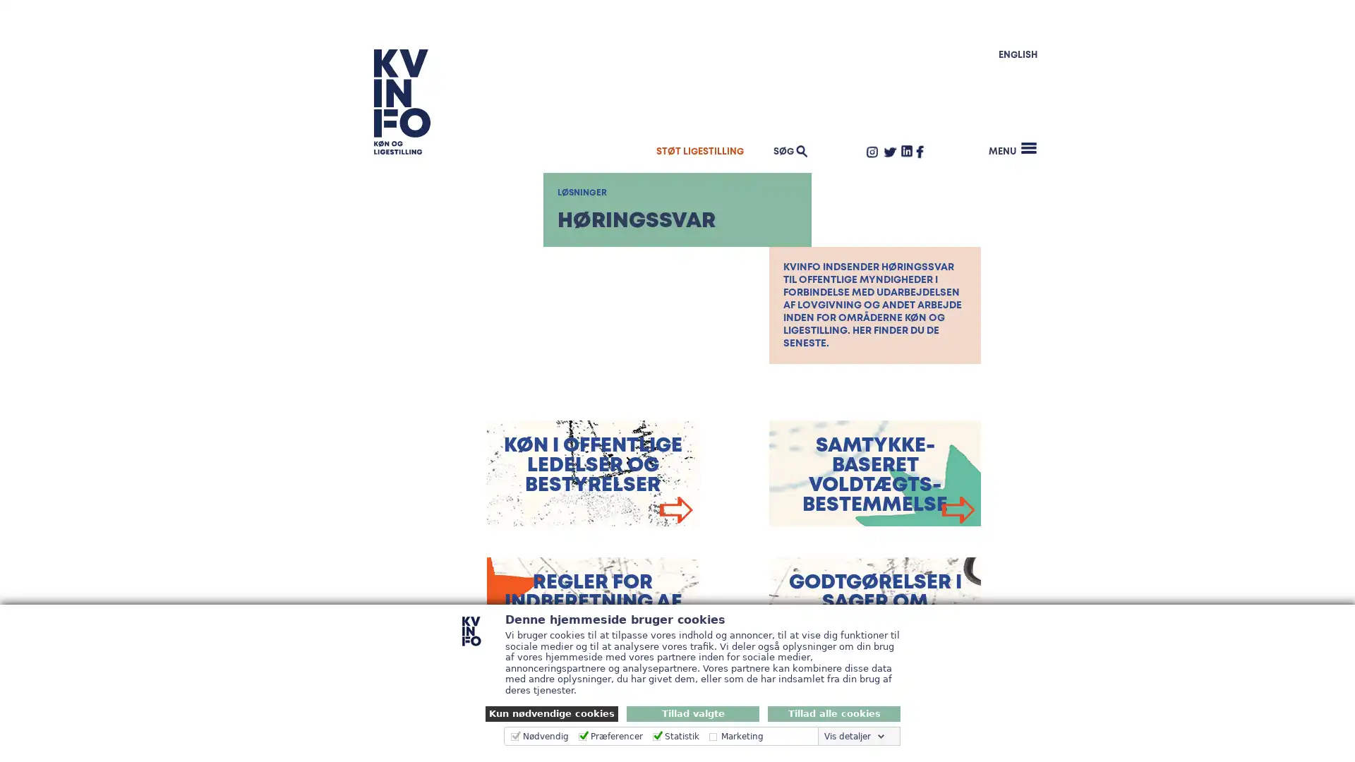  Describe the element at coordinates (1008, 133) in the screenshot. I see `Sg` at that location.